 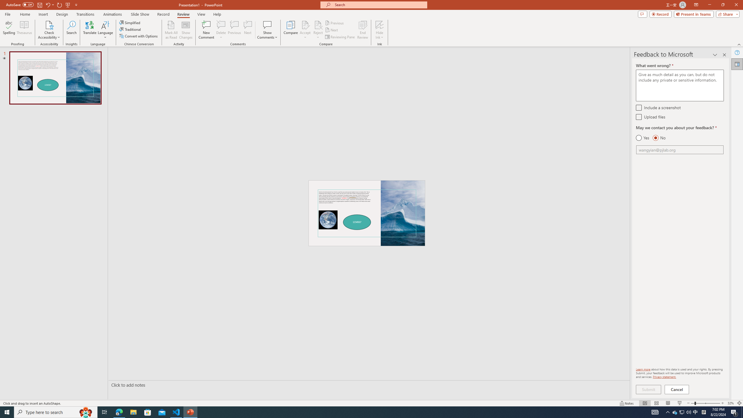 What do you see at coordinates (90, 30) in the screenshot?
I see `'Translate'` at bounding box center [90, 30].